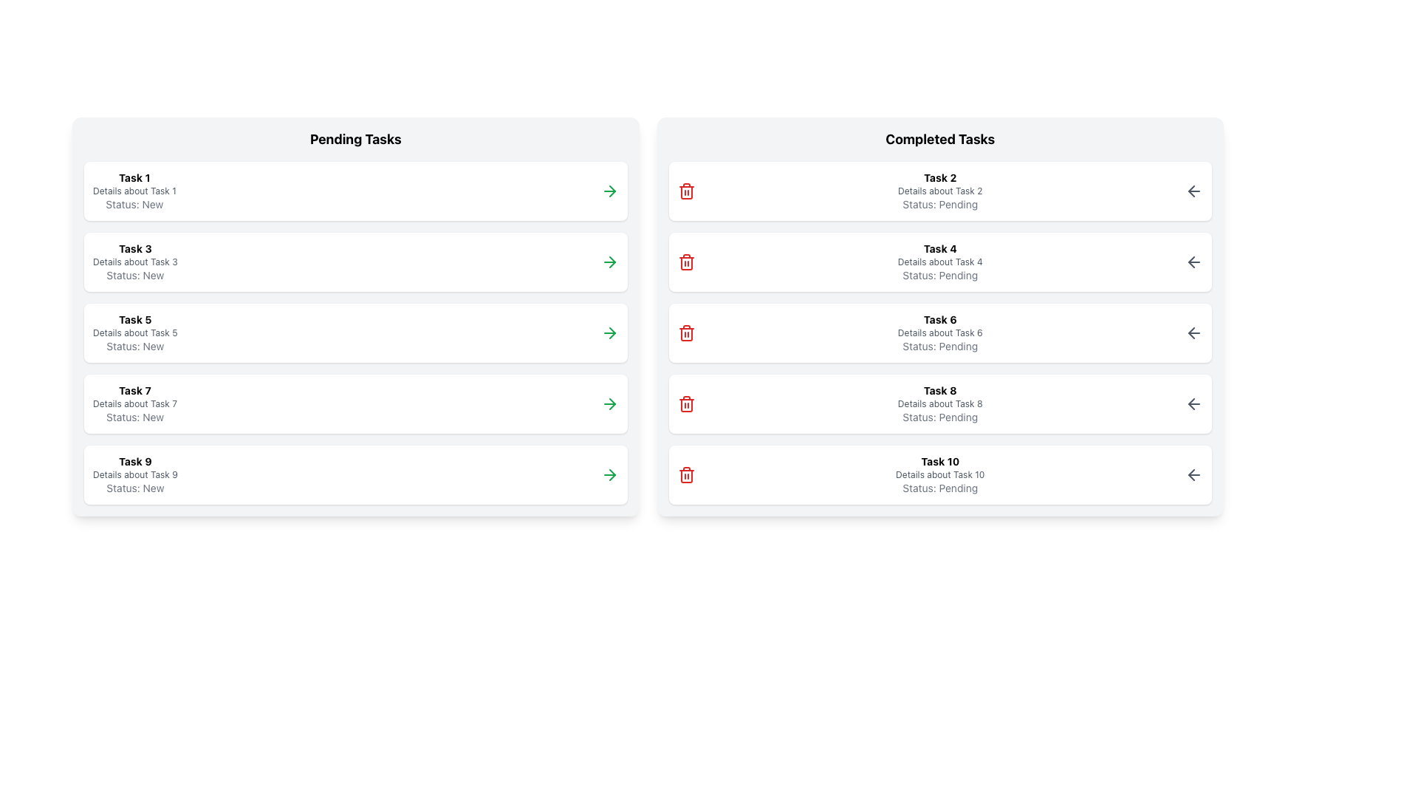 The height and width of the screenshot is (798, 1418). What do you see at coordinates (135, 275) in the screenshot?
I see `the text label displaying the current status of 'Task 3' as 'New', which is positioned below the 'Details about Task 3' text in the 'Pending Tasks' column` at bounding box center [135, 275].